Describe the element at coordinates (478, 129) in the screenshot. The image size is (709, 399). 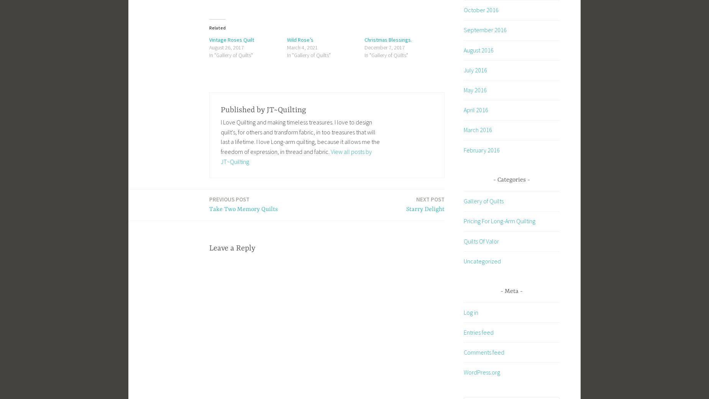
I see `'March 2016'` at that location.